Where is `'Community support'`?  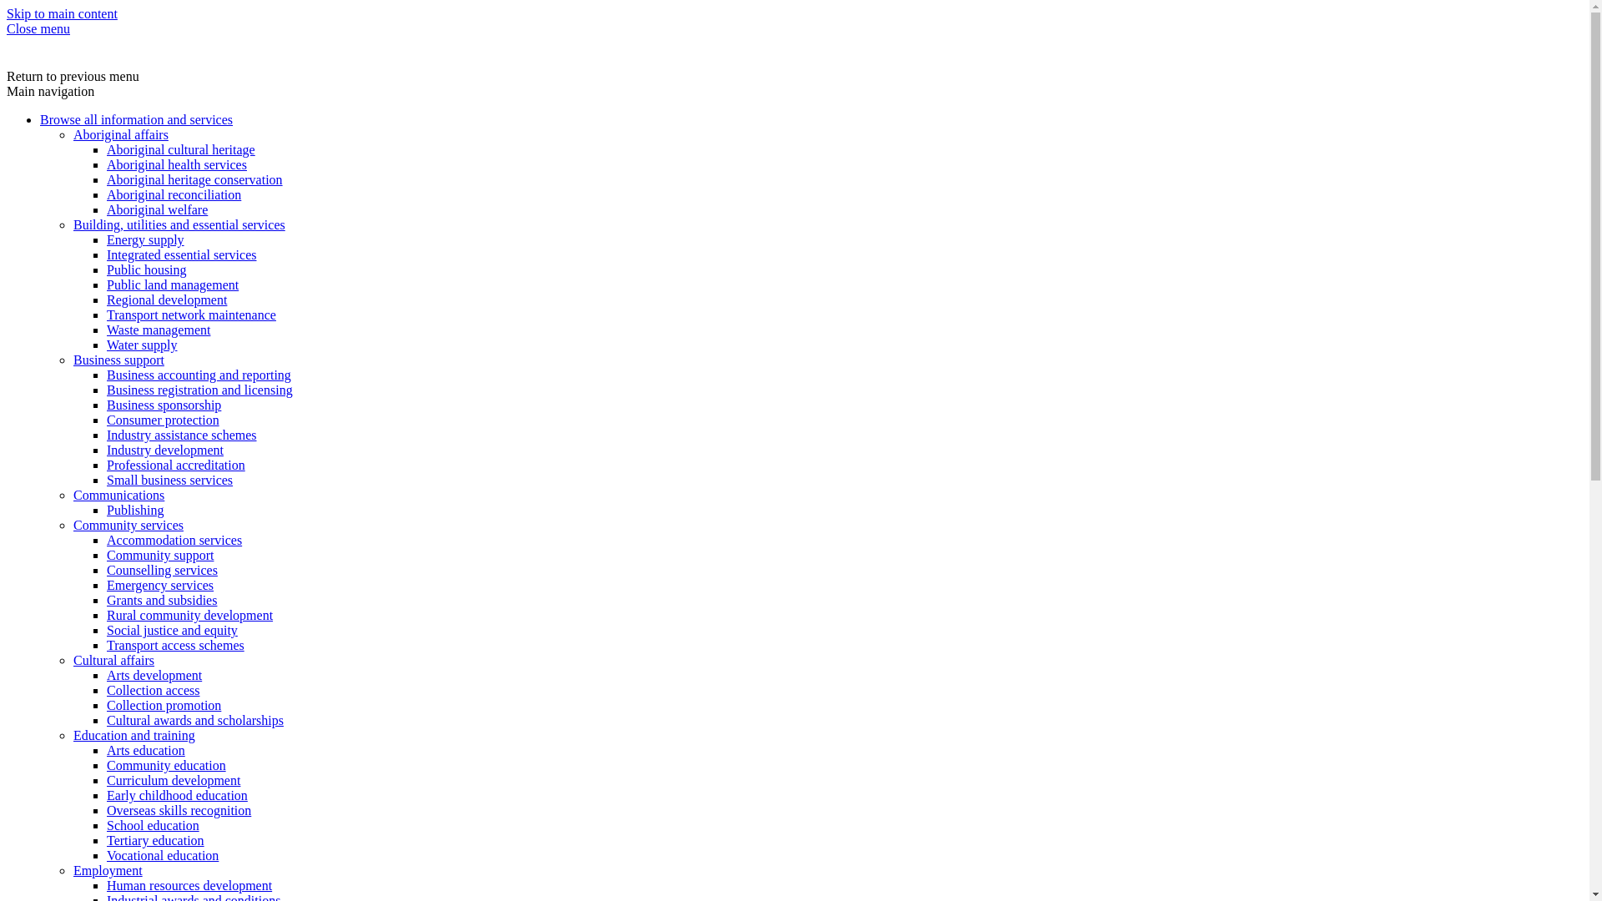 'Community support' is located at coordinates (106, 555).